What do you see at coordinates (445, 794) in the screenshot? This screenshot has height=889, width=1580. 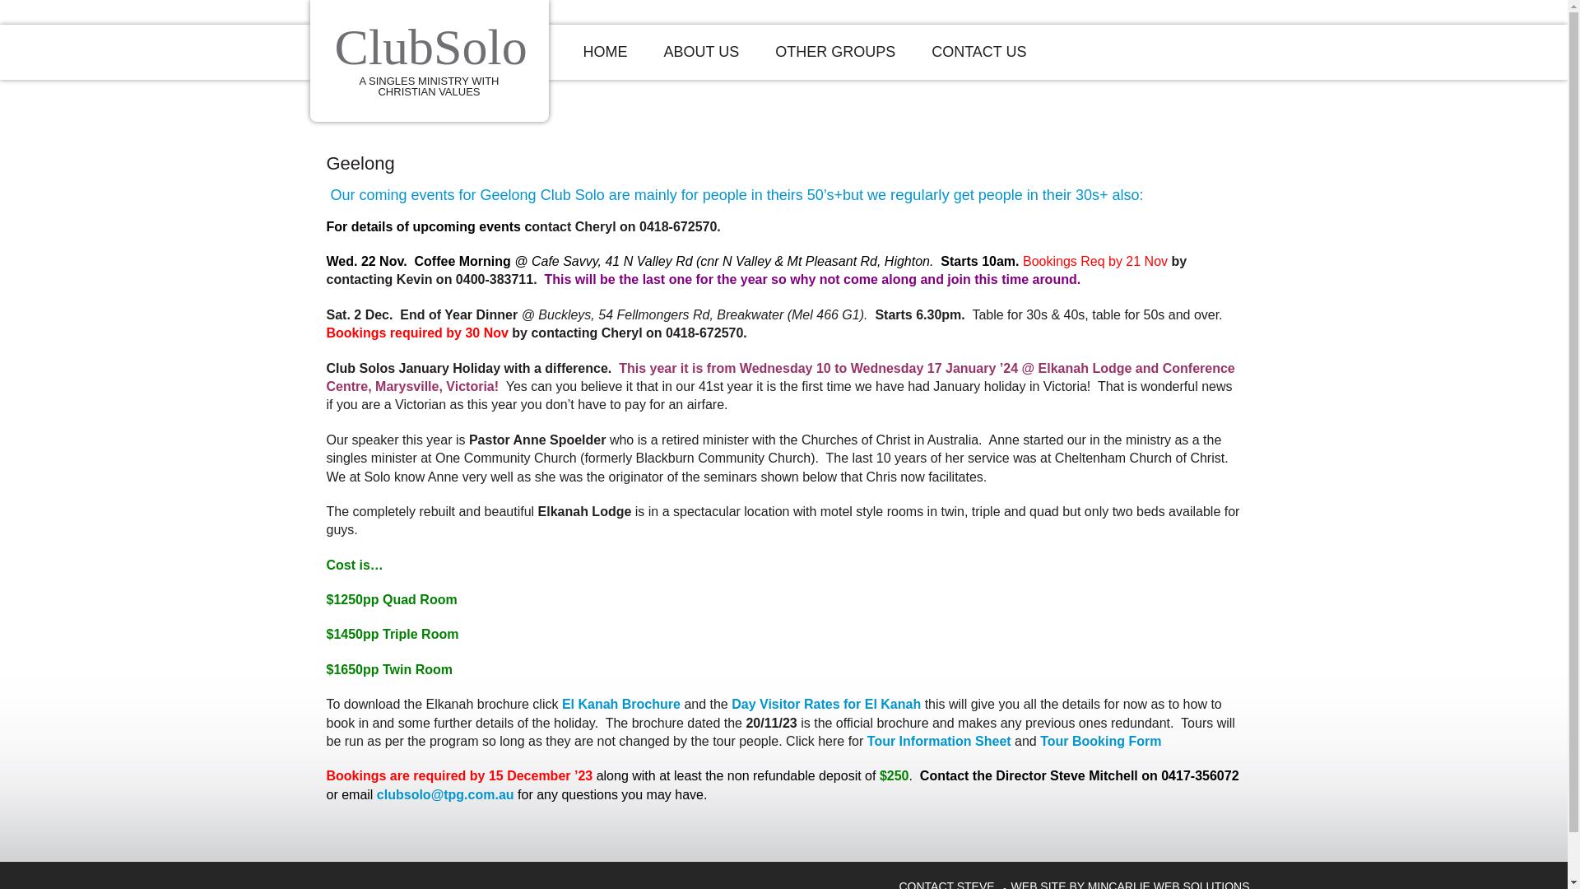 I see `'clubsolo@tpg.com.au'` at bounding box center [445, 794].